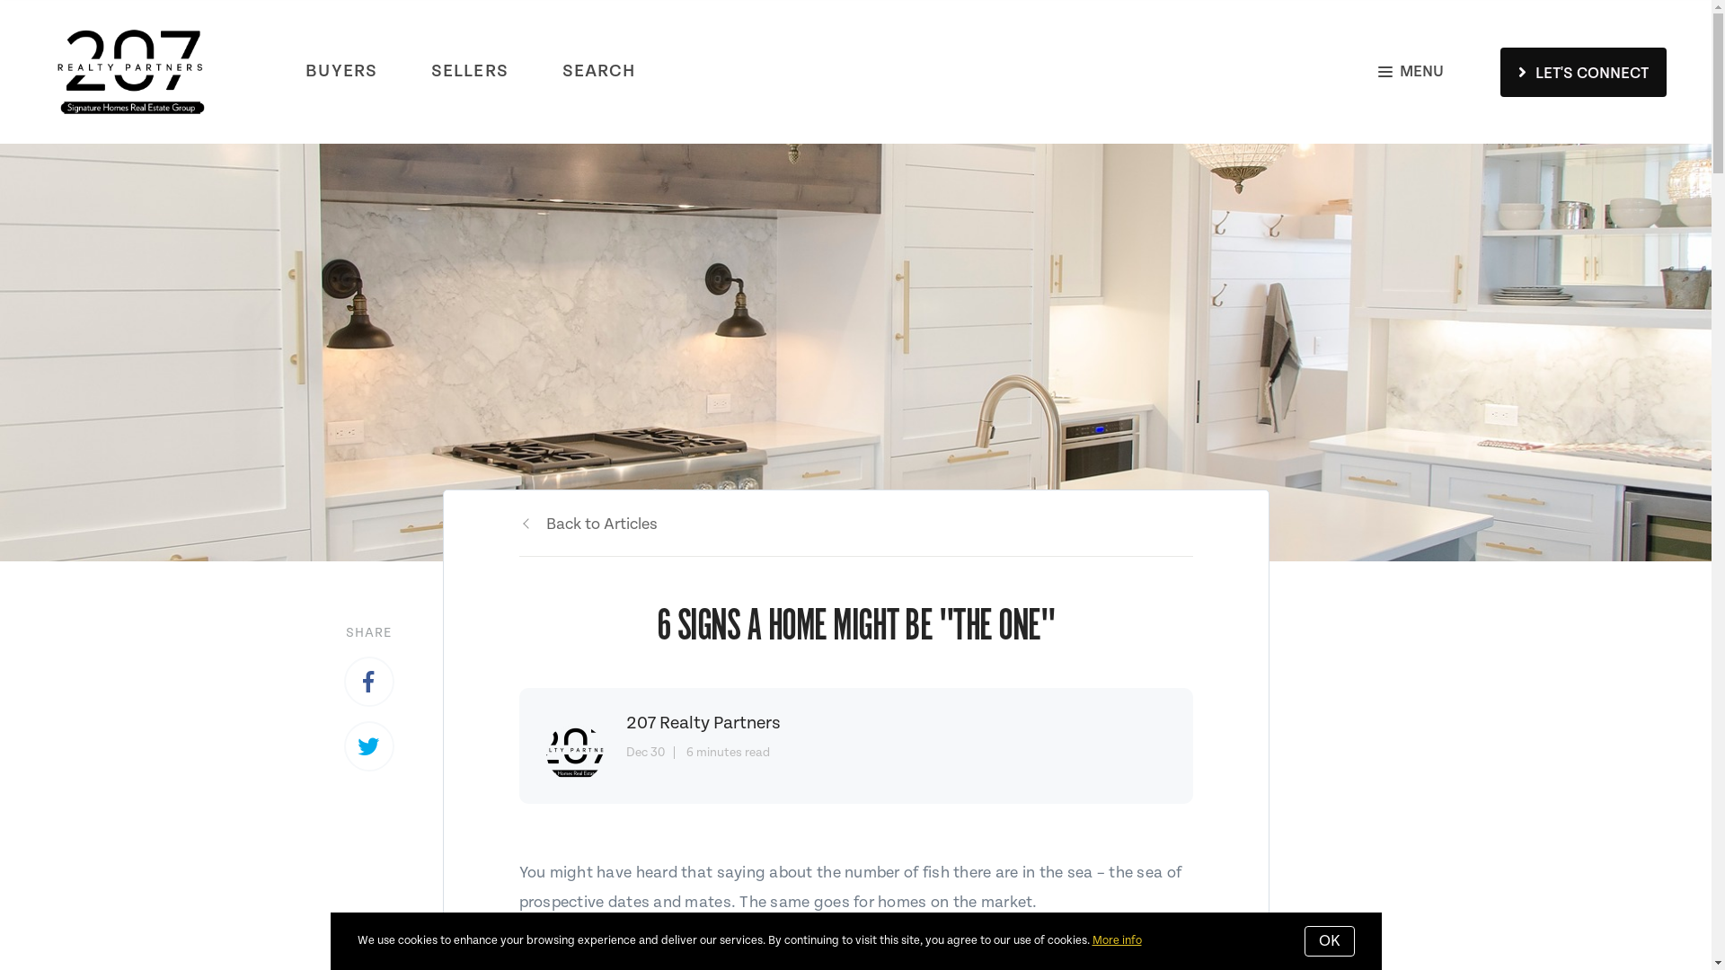 This screenshot has height=970, width=1725. I want to click on 'Back to Articles', so click(588, 524).